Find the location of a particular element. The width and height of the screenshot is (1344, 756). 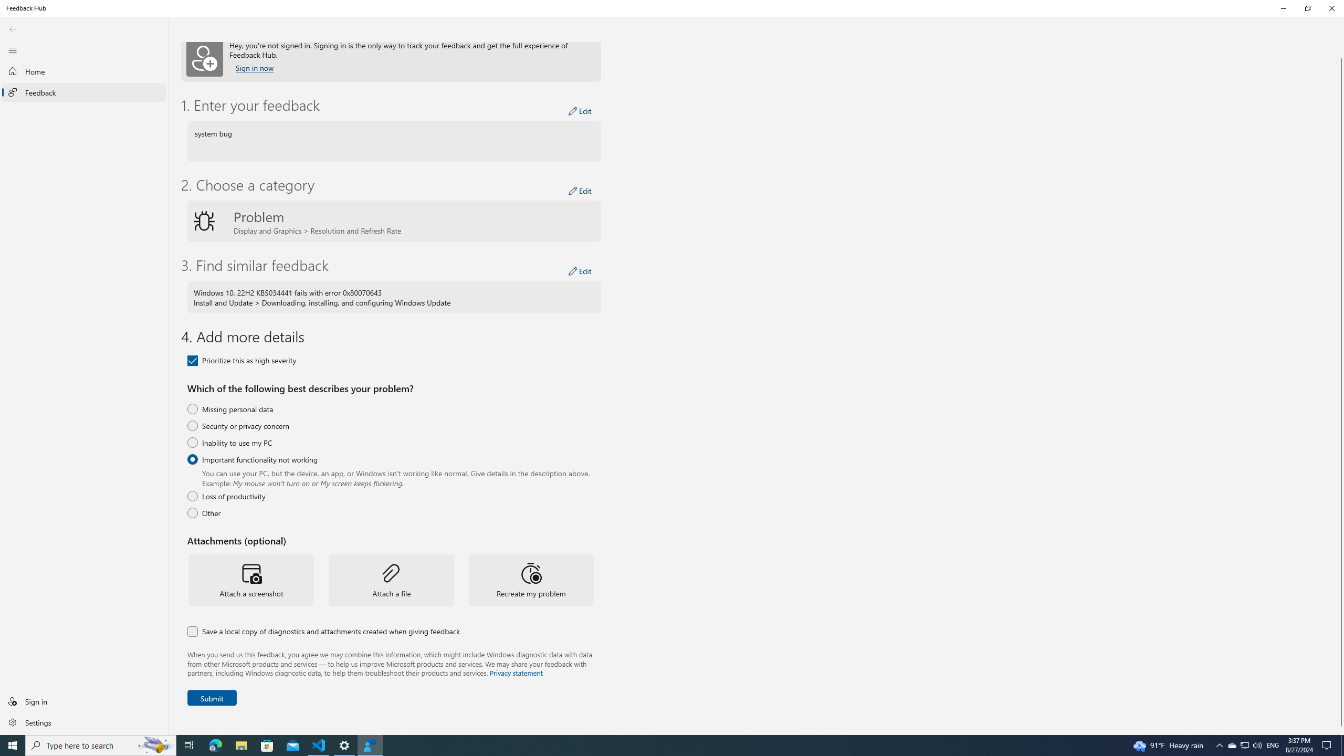

'Search highlights icon opens search home window' is located at coordinates (154, 744).